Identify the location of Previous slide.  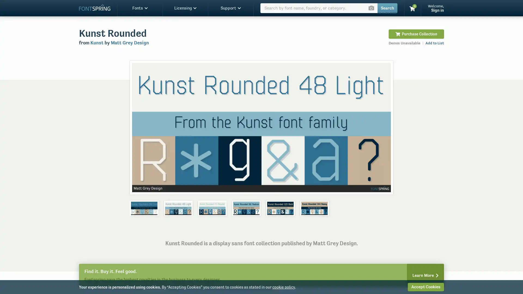
(140, 127).